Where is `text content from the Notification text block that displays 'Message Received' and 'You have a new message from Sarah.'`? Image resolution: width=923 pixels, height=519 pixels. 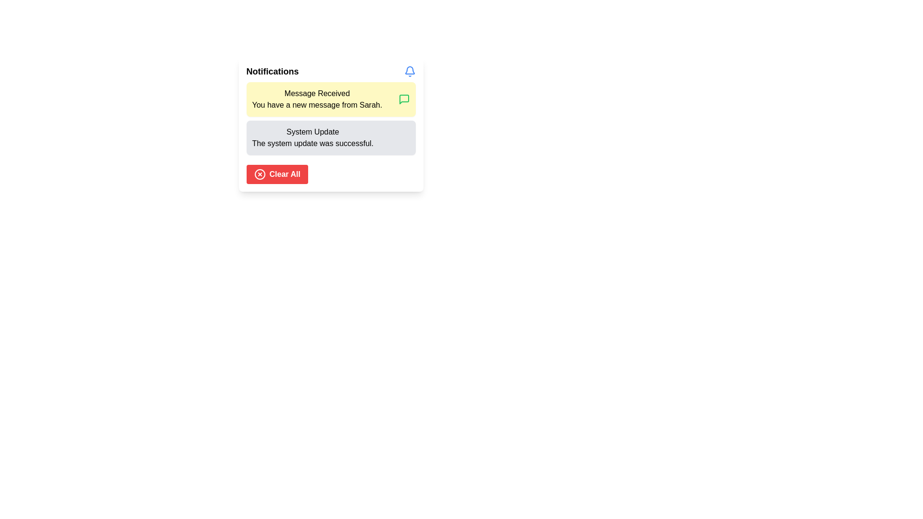
text content from the Notification text block that displays 'Message Received' and 'You have a new message from Sarah.' is located at coordinates (317, 99).